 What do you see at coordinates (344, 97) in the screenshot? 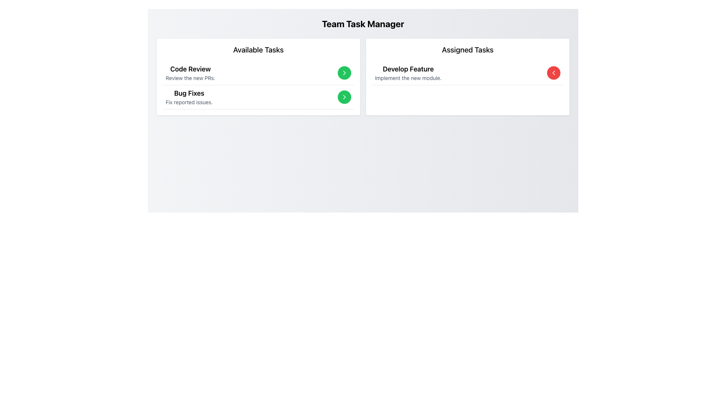
I see `the right-facing chevron icon button with a green circular background located in the 'Available Tasks' section, to the right of the 'Bug Fixes' list item` at bounding box center [344, 97].